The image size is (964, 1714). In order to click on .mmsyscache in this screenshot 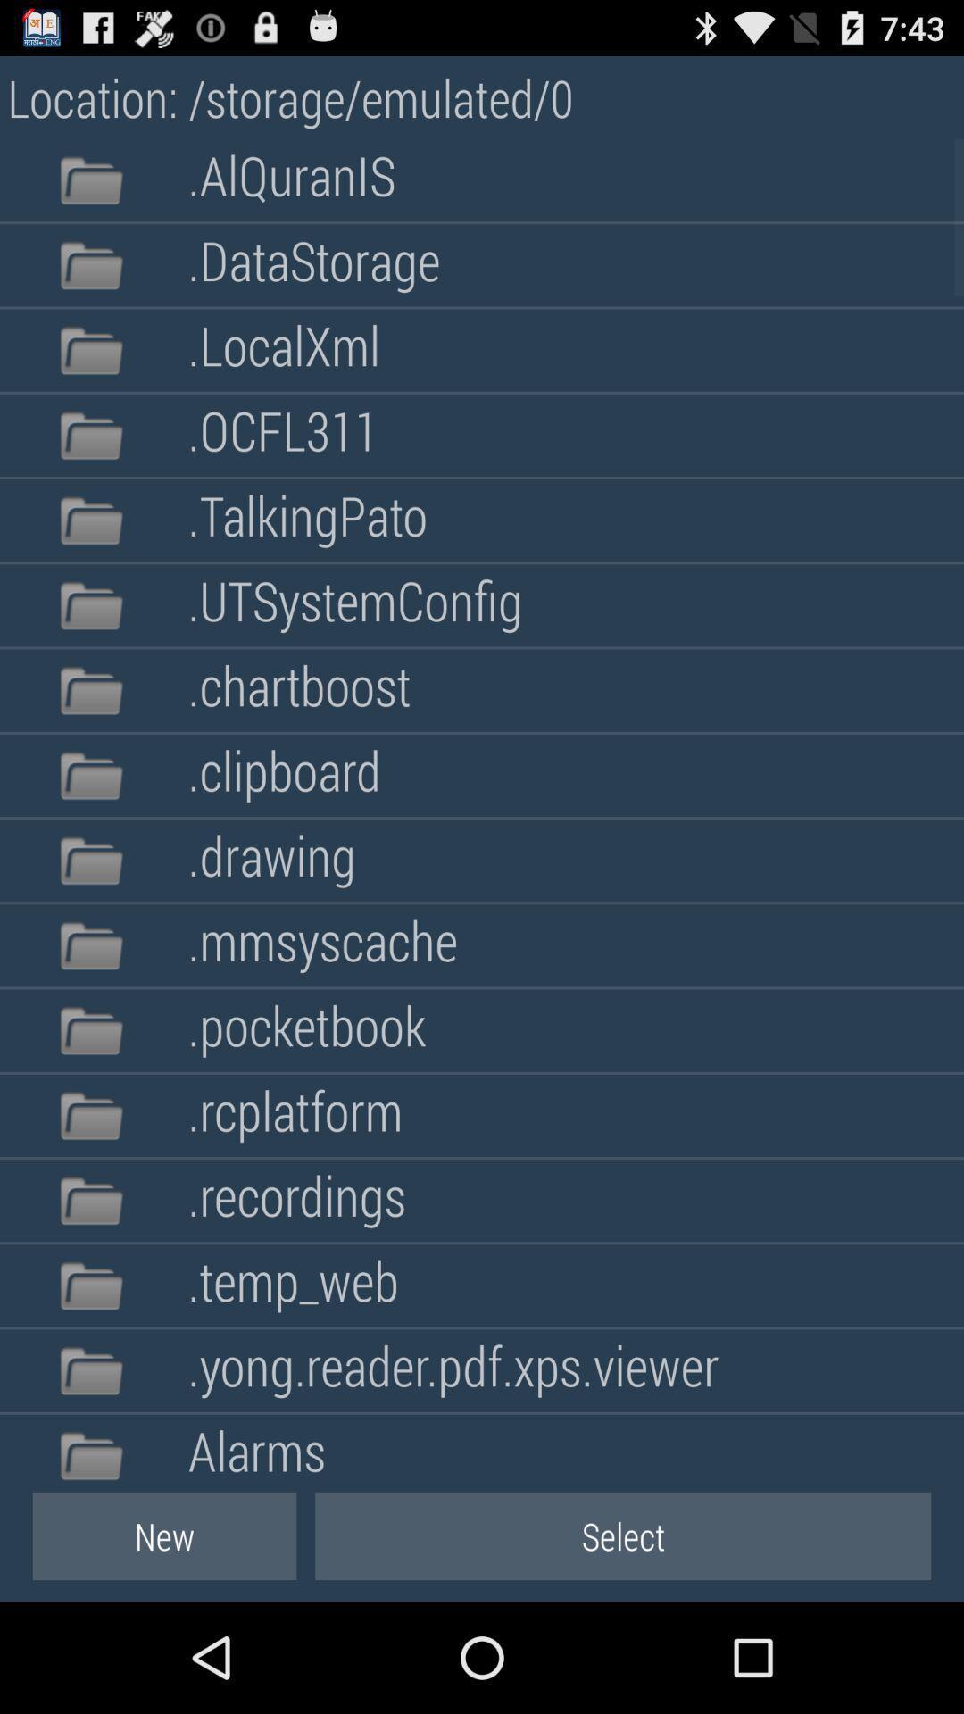, I will do `click(322, 944)`.